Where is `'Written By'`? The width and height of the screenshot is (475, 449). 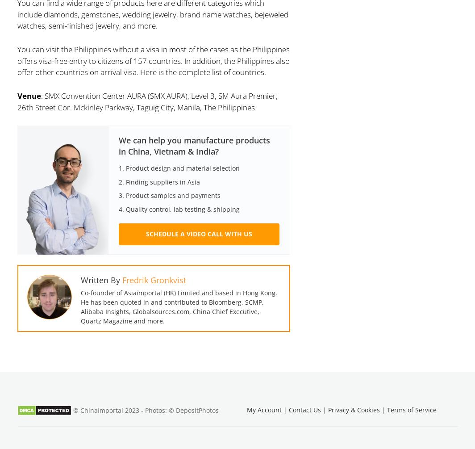
'Written By' is located at coordinates (101, 279).